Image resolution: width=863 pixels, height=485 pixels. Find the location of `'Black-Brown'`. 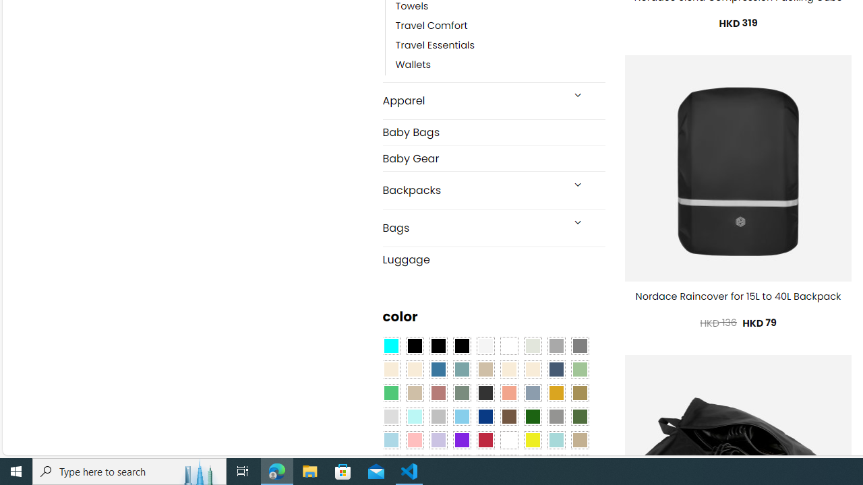

'Black-Brown' is located at coordinates (461, 346).